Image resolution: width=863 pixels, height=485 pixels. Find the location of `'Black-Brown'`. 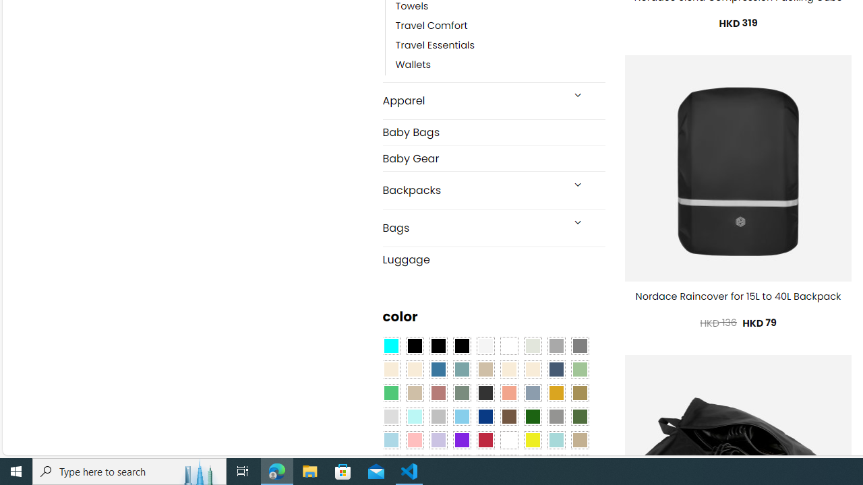

'Black-Brown' is located at coordinates (461, 346).